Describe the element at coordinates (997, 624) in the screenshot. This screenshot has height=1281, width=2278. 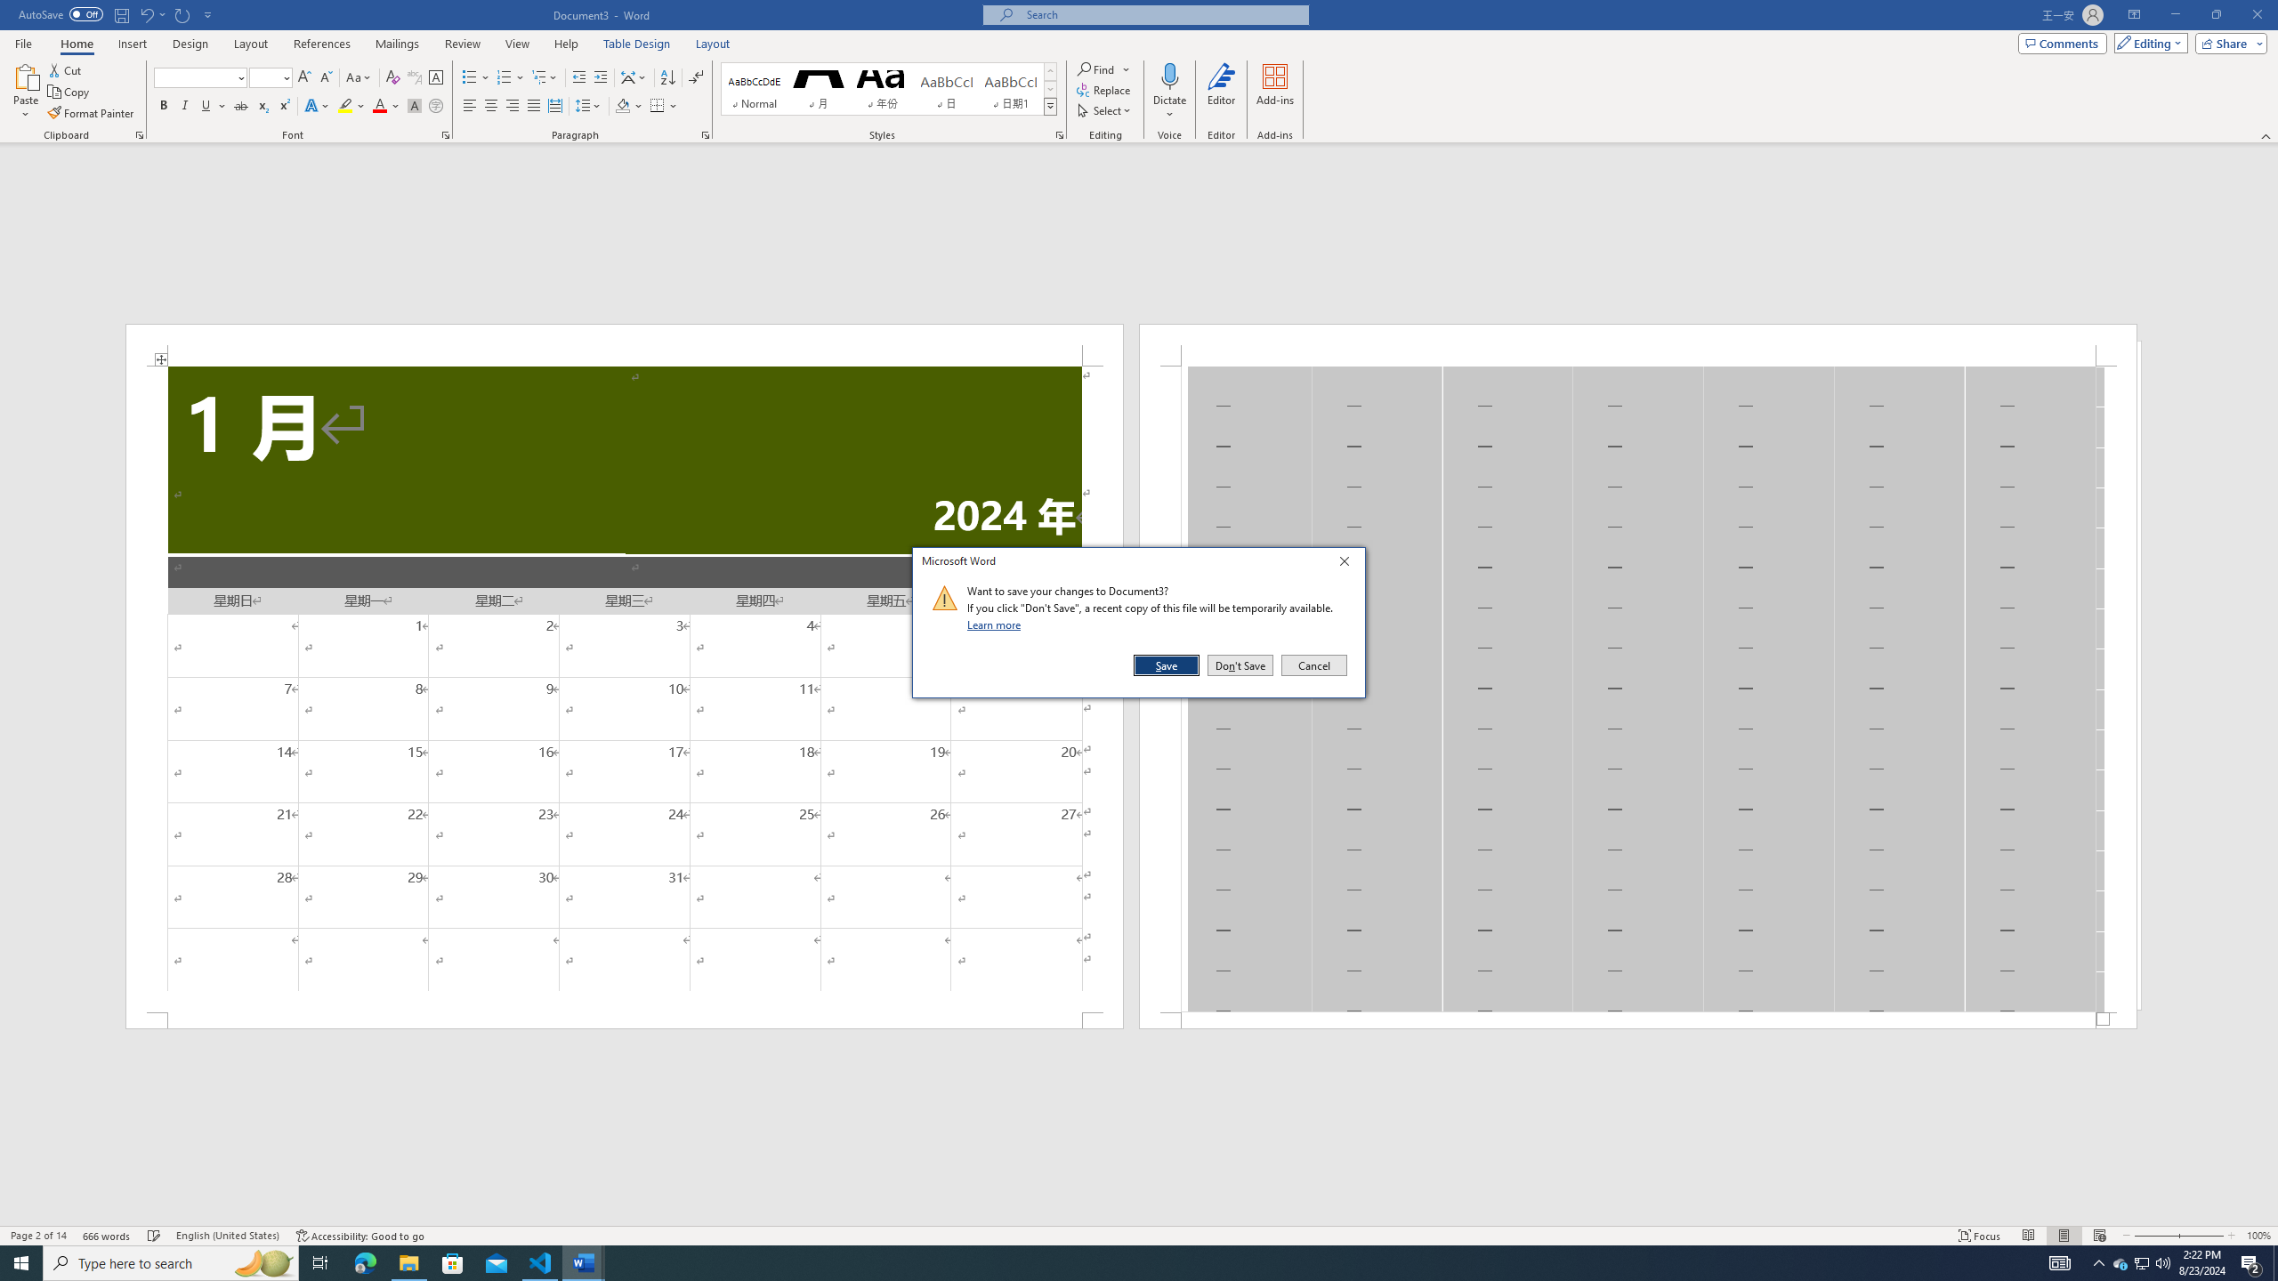
I see `'Learn more'` at that location.